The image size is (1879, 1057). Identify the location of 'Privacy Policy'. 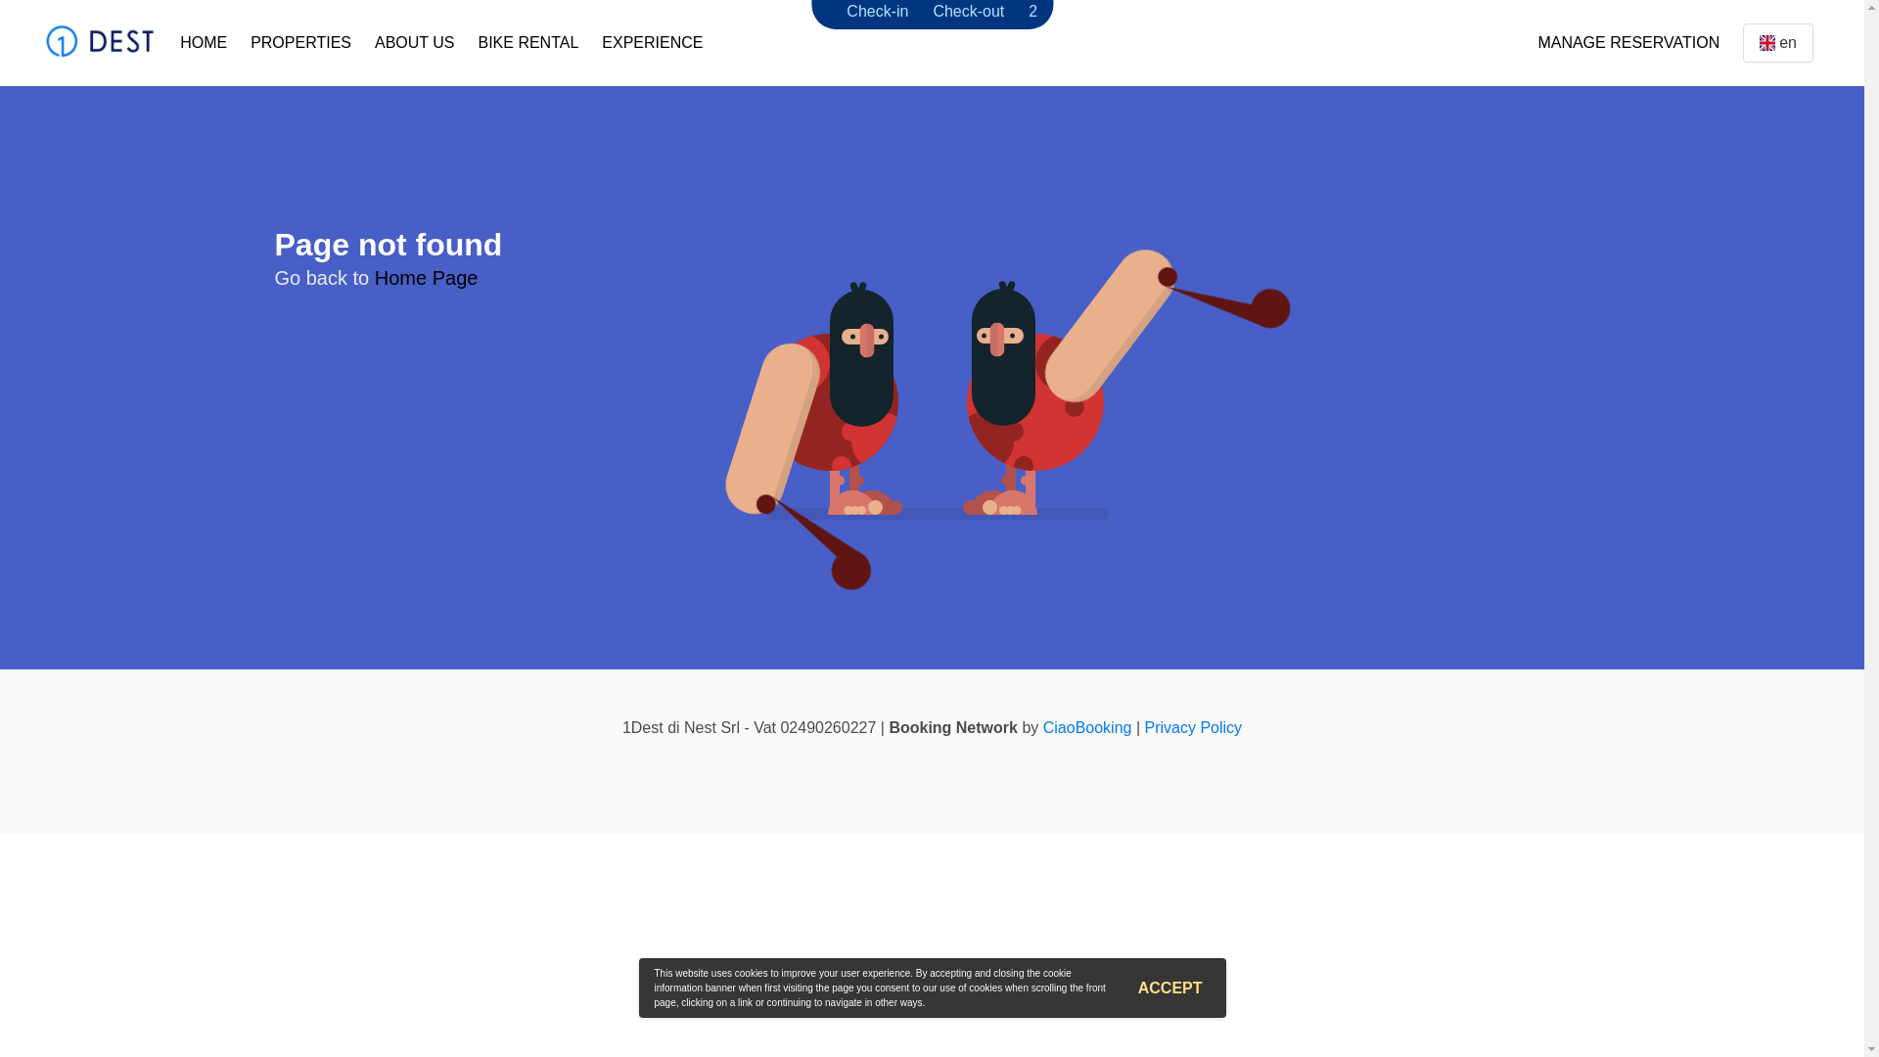
(1192, 727).